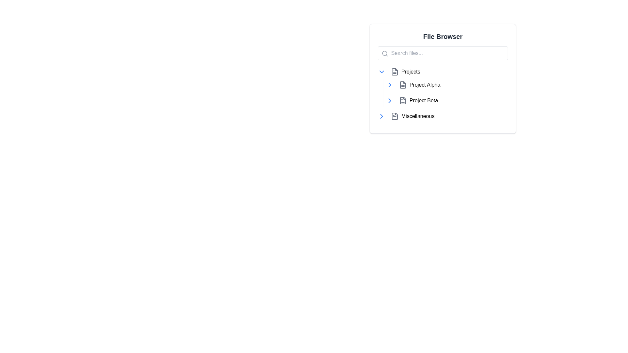 Image resolution: width=628 pixels, height=353 pixels. I want to click on the small gray magnifying glass icon located in the top-left region of the search bar, positioned left-aligned near the placeholder text 'Search files...', so click(385, 53).